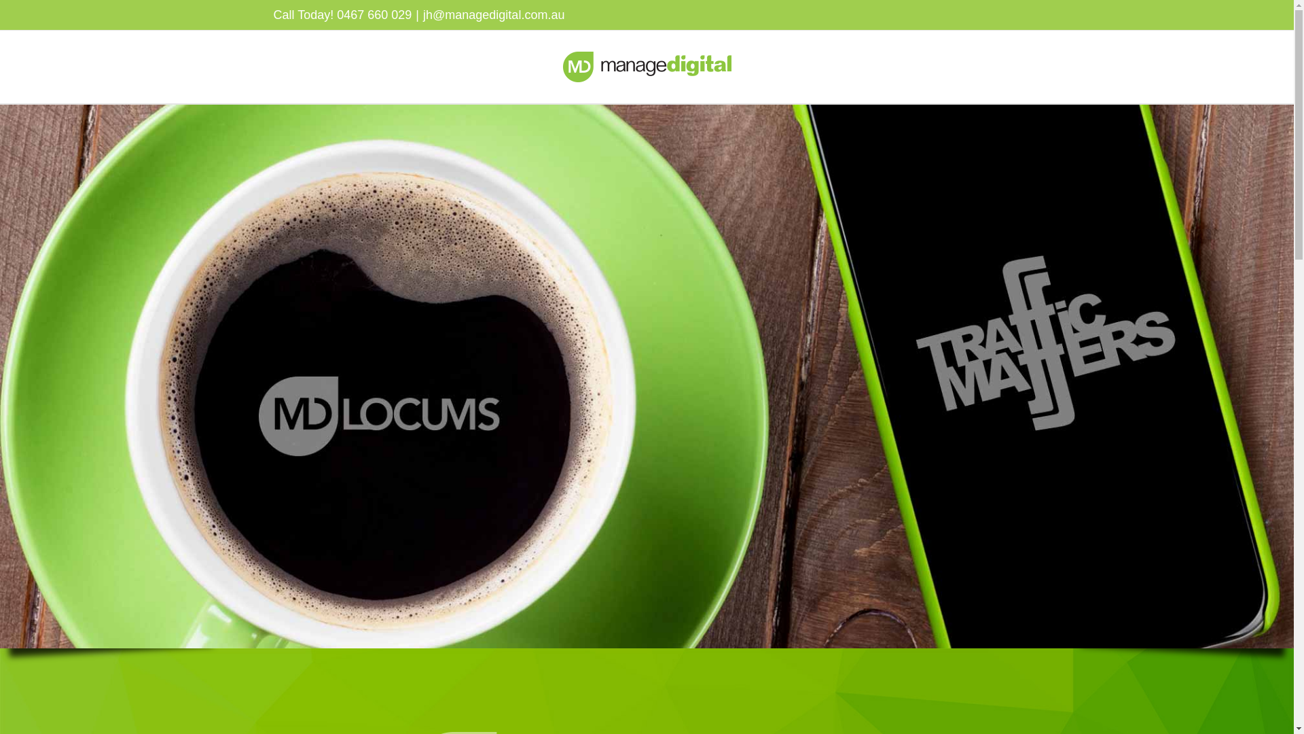 The width and height of the screenshot is (1304, 734). I want to click on 'jh@managedigital.com.au', so click(492, 15).